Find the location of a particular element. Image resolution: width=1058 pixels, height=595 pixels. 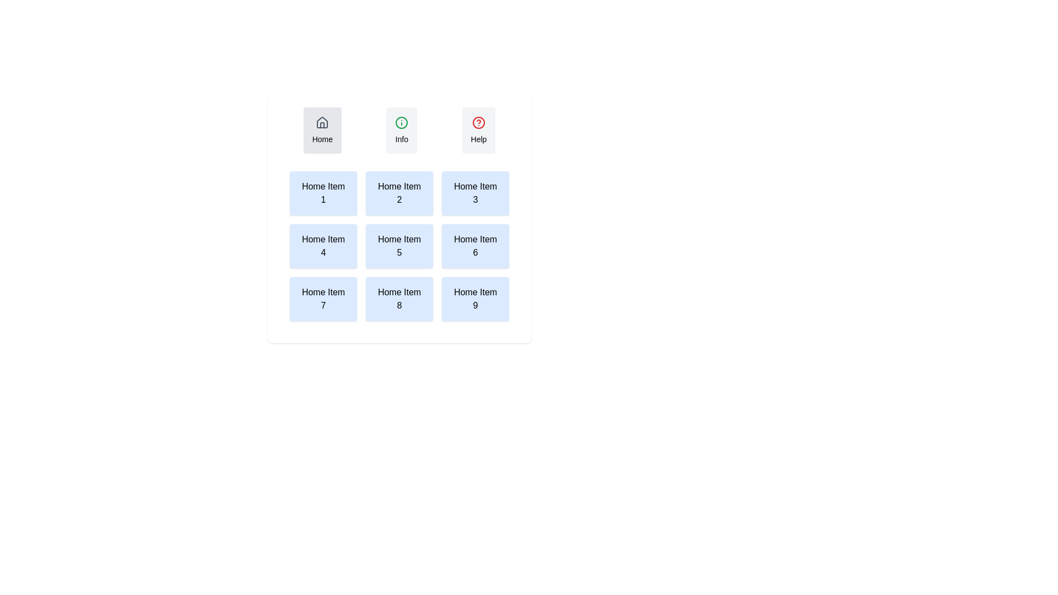

the Info tab to observe its hover effect is located at coordinates (401, 129).